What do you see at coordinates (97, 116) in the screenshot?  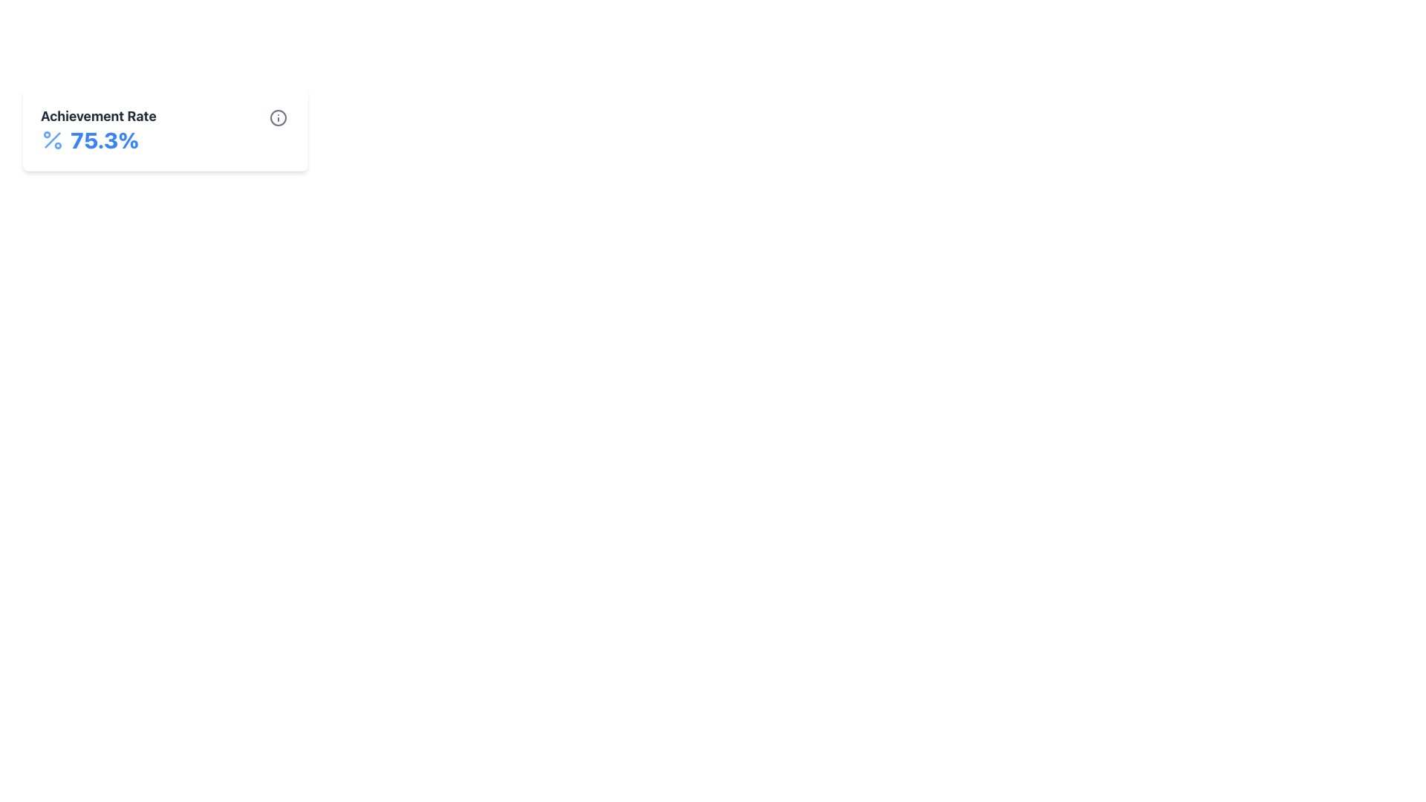 I see `the text label that reads 'Achievement Rate', which is styled in bold, large-sized gray font and located above the percentage value '75.3%'` at bounding box center [97, 116].